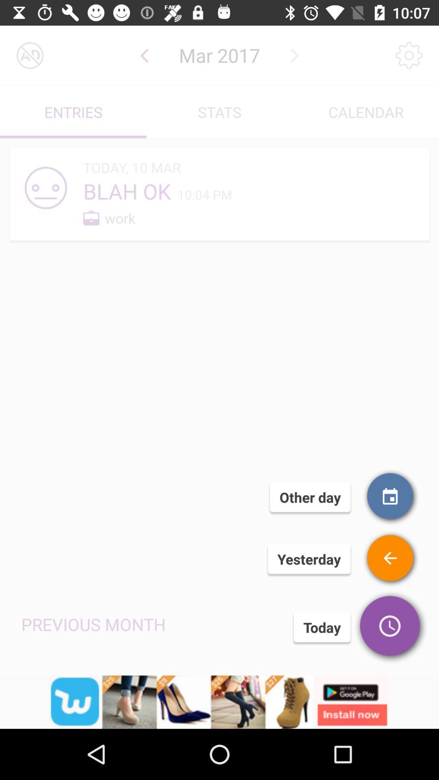  What do you see at coordinates (219, 702) in the screenshot?
I see `advertisement` at bounding box center [219, 702].